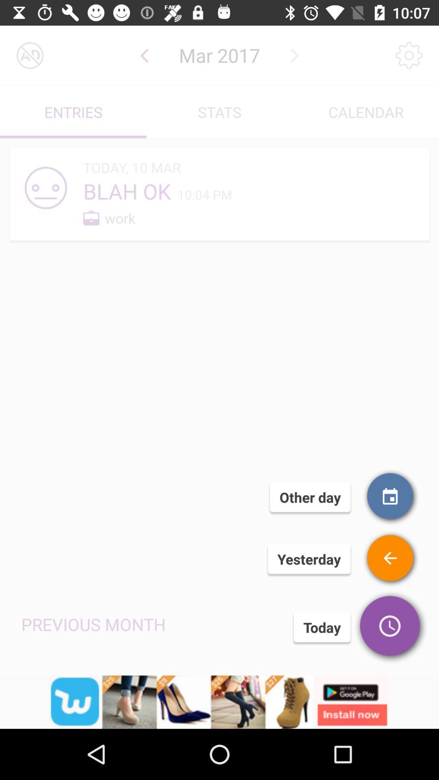  What do you see at coordinates (219, 702) in the screenshot?
I see `advertisement` at bounding box center [219, 702].